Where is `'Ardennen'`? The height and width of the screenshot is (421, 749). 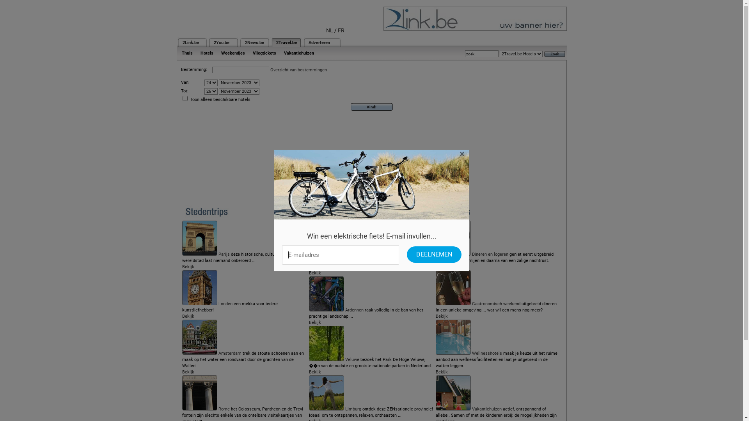
'Ardennen' is located at coordinates (354, 310).